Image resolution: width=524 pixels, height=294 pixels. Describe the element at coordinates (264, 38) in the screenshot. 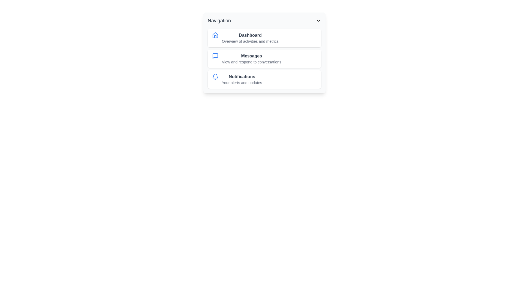

I see `the navigation item Dashboard from the list` at that location.